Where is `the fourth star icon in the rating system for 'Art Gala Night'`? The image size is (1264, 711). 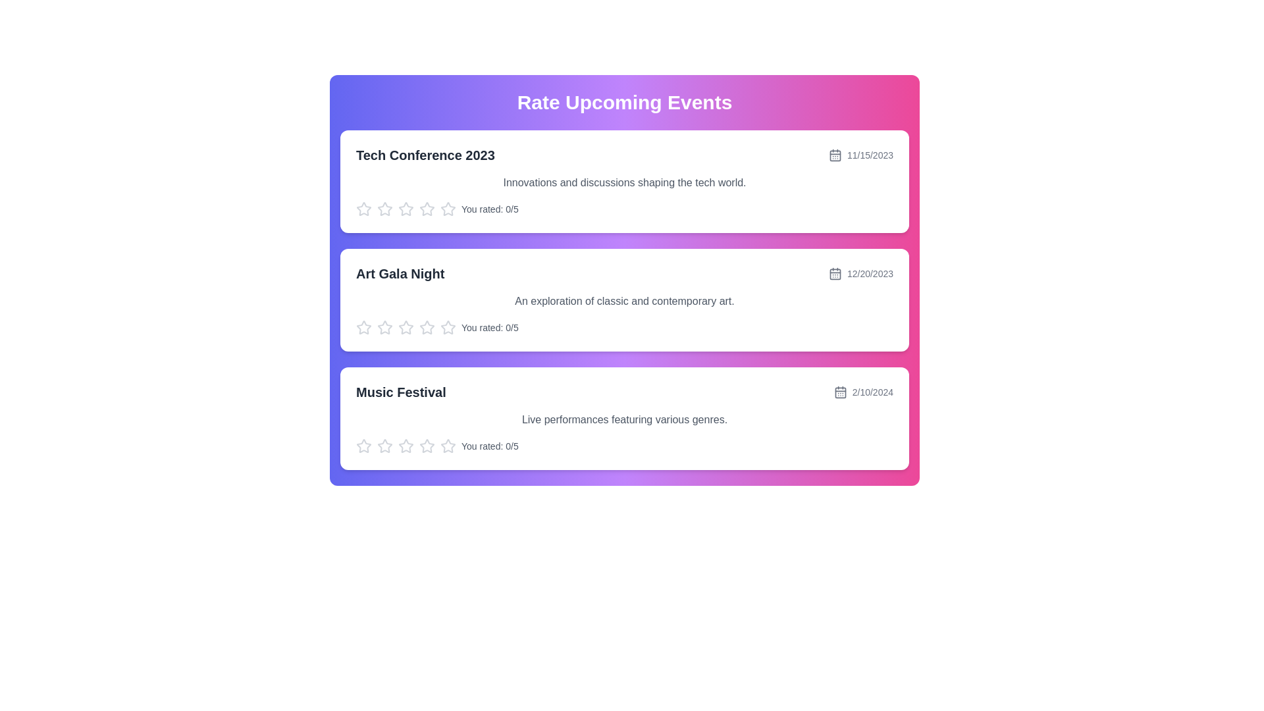 the fourth star icon in the rating system for 'Art Gala Night' is located at coordinates (406, 327).